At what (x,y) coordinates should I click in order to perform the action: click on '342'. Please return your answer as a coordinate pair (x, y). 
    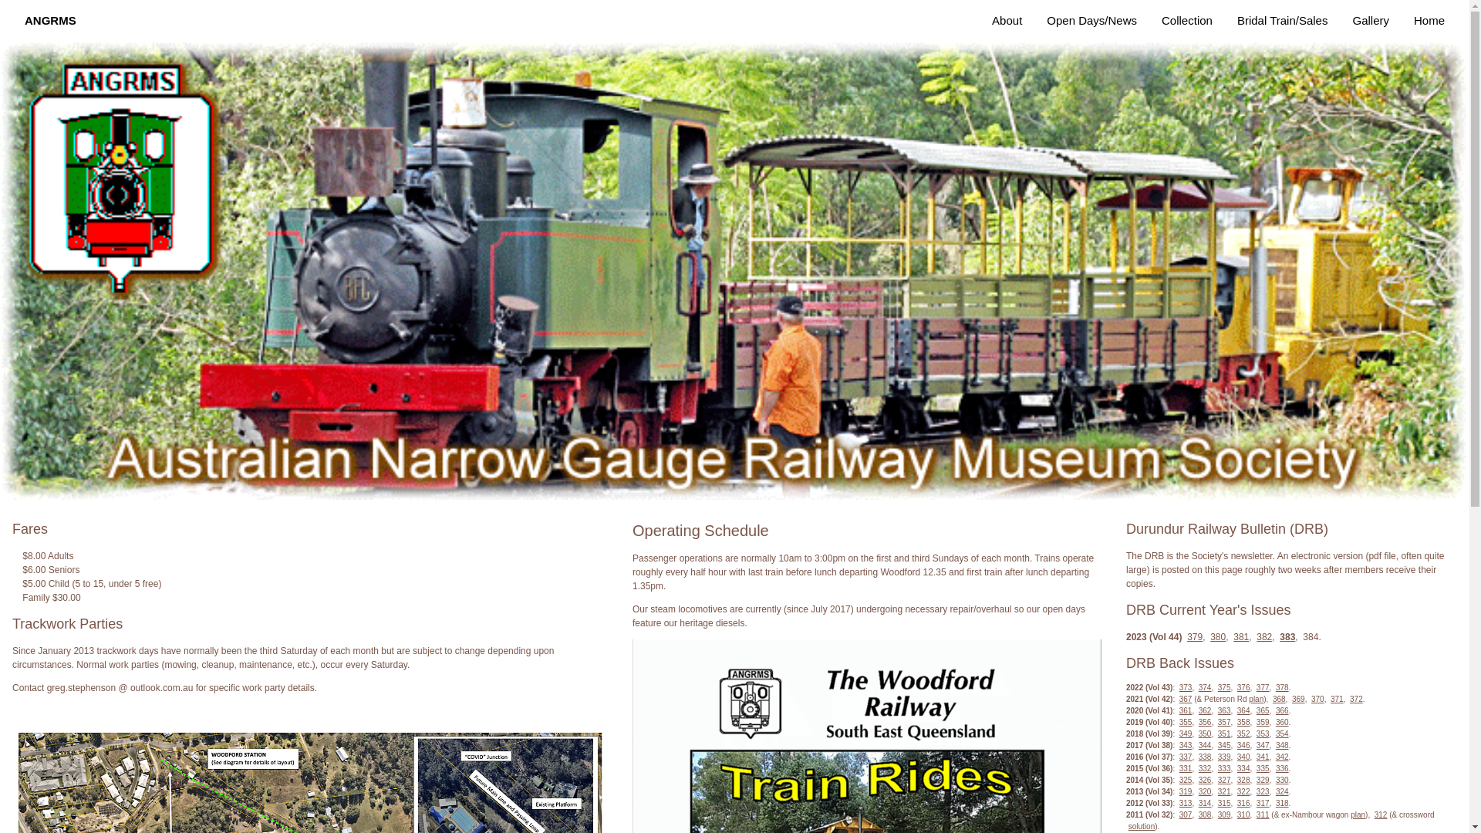
    Looking at the image, I should click on (1282, 756).